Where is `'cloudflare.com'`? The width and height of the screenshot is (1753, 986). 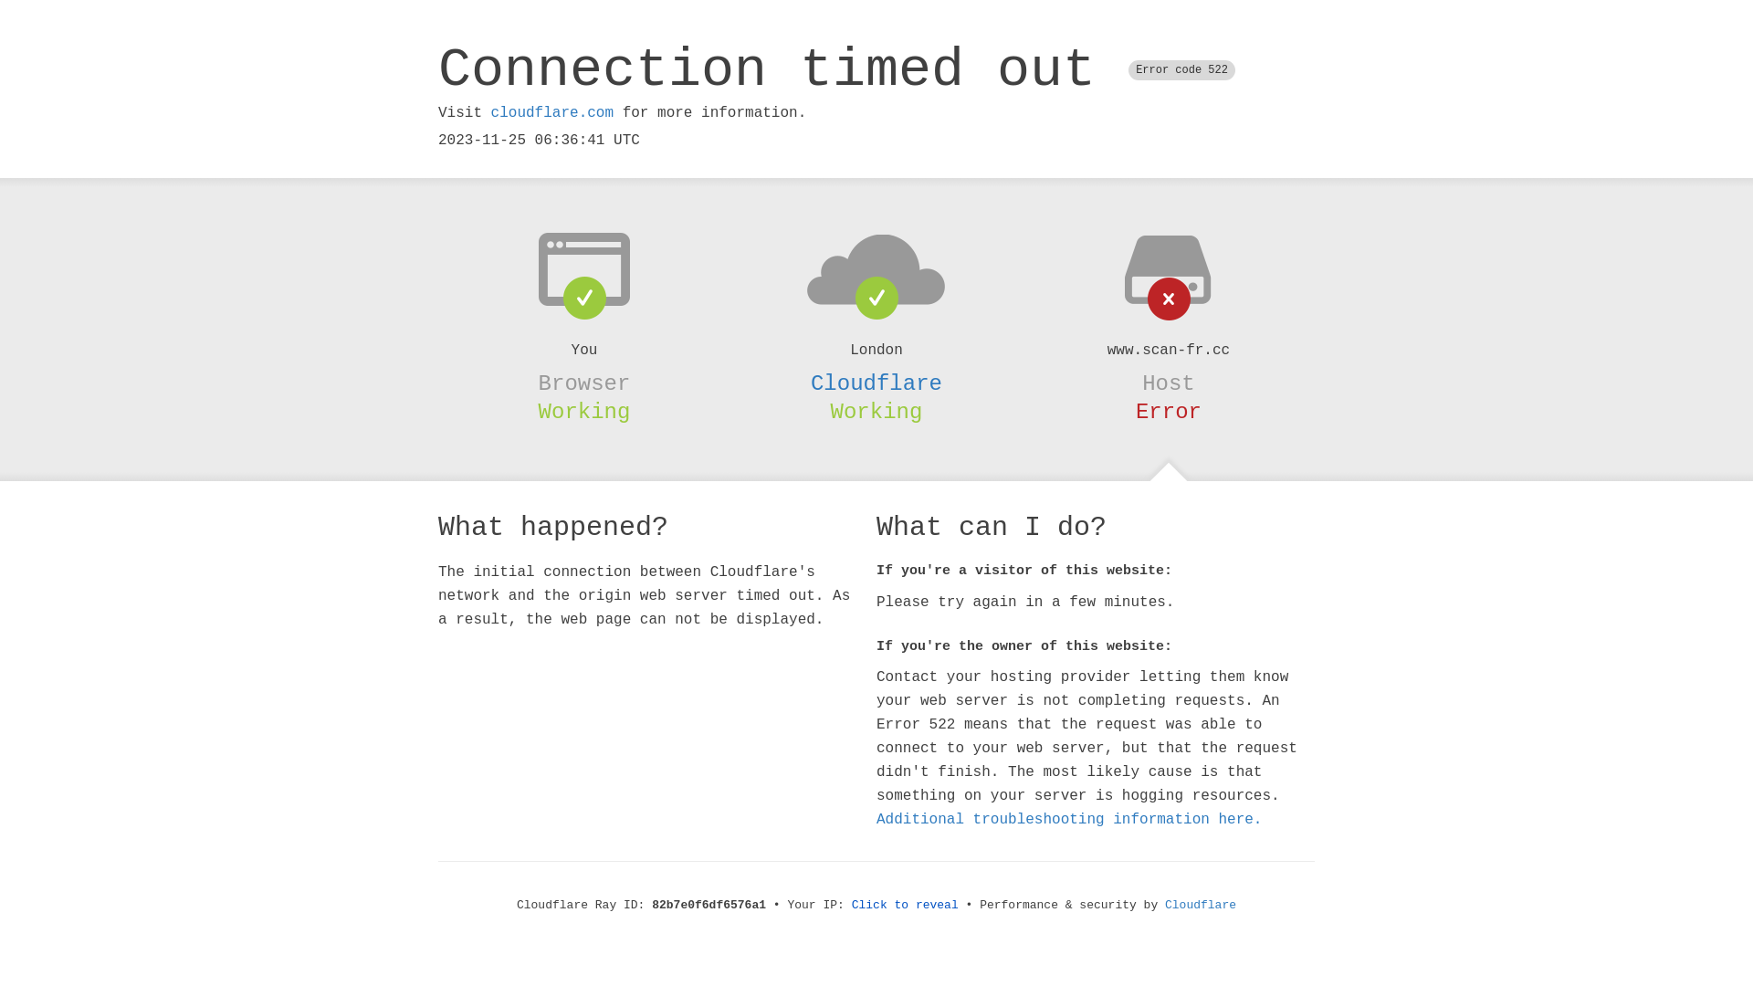
'cloudflare.com' is located at coordinates (551, 112).